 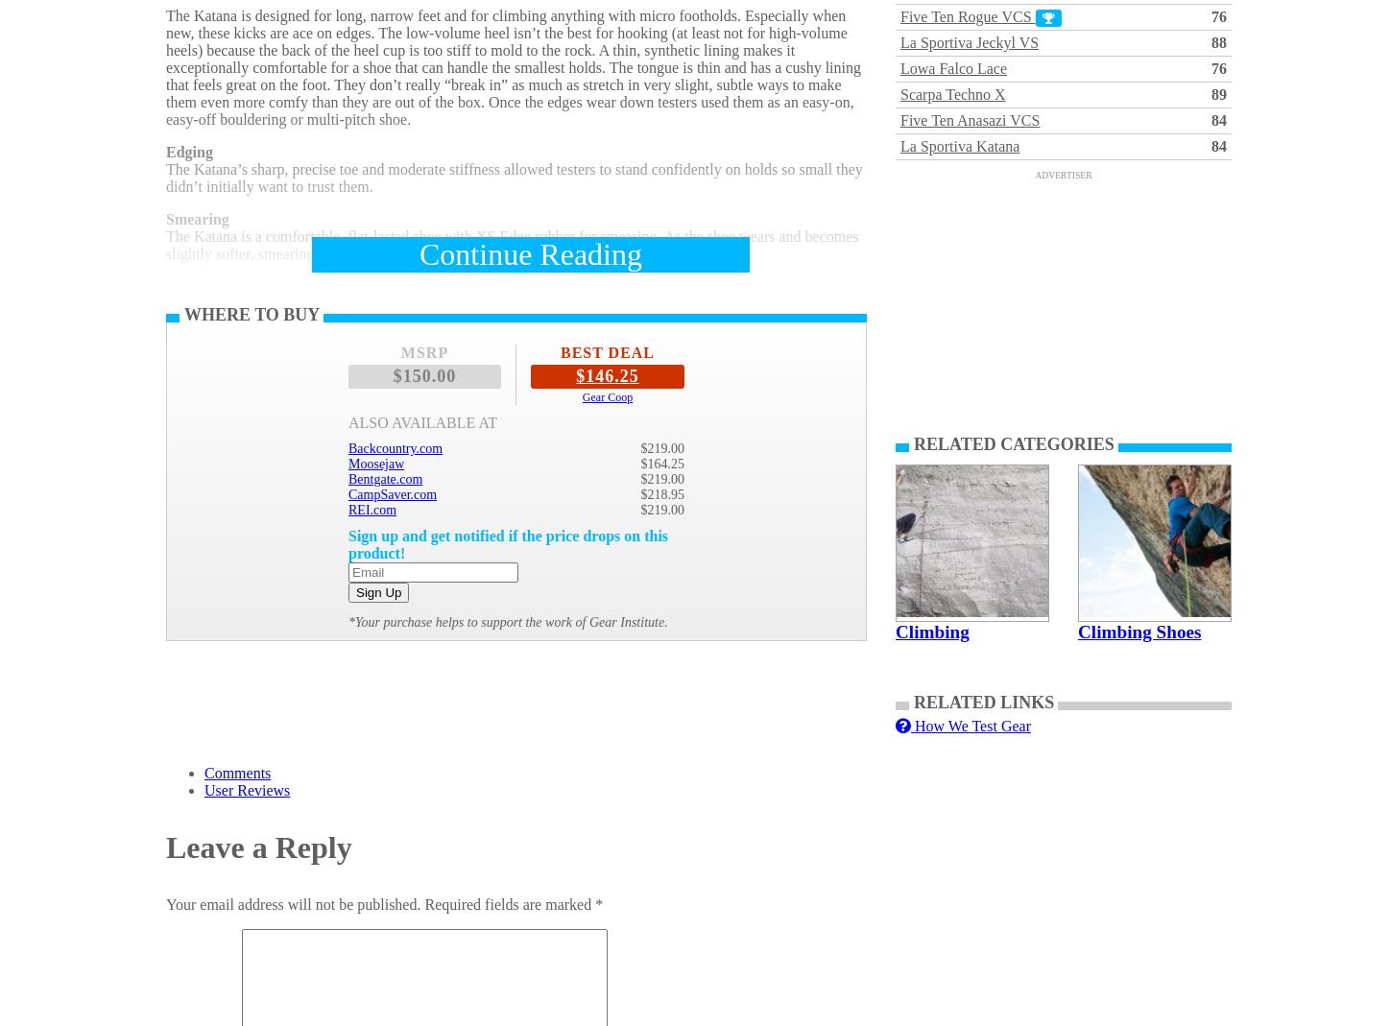 I want to click on 'The 4mm Vibram XS Edge rubber adds to the Katana’s performance on micro holds. It’s durable and super sticky.', so click(x=165, y=454).